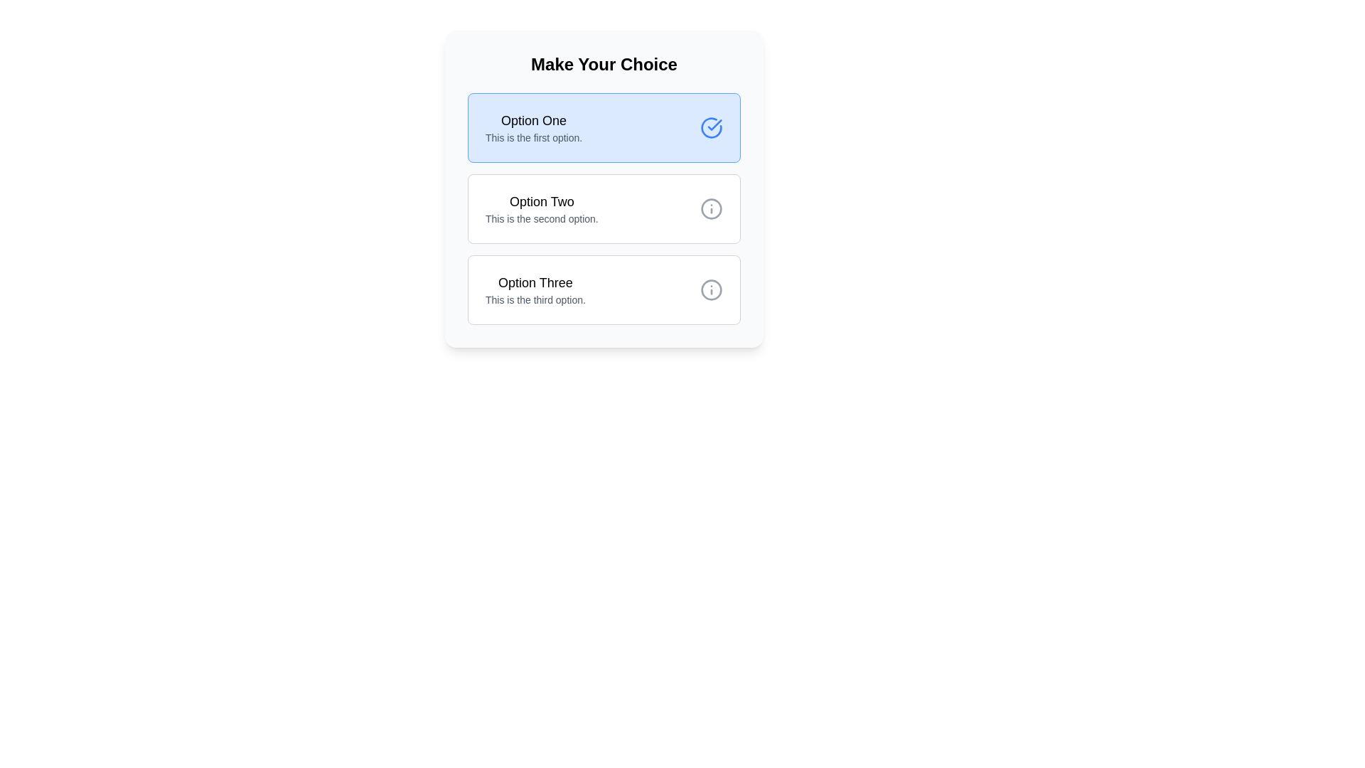 The image size is (1365, 768). Describe the element at coordinates (604, 208) in the screenshot. I see `the second option in the Selection Option Group titled 'Option Two'` at that location.